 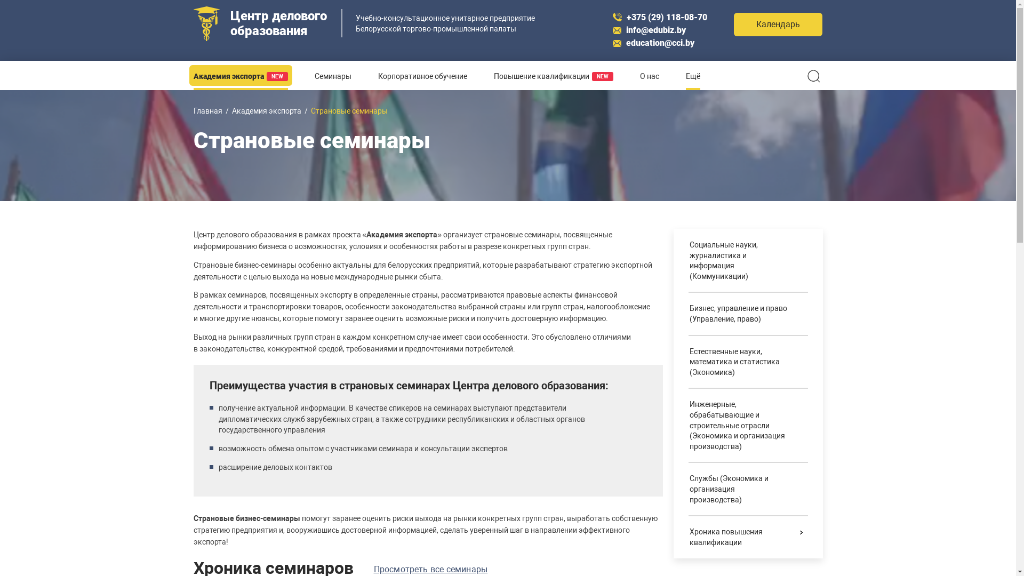 I want to click on 'education@cci.by', so click(x=653, y=42).